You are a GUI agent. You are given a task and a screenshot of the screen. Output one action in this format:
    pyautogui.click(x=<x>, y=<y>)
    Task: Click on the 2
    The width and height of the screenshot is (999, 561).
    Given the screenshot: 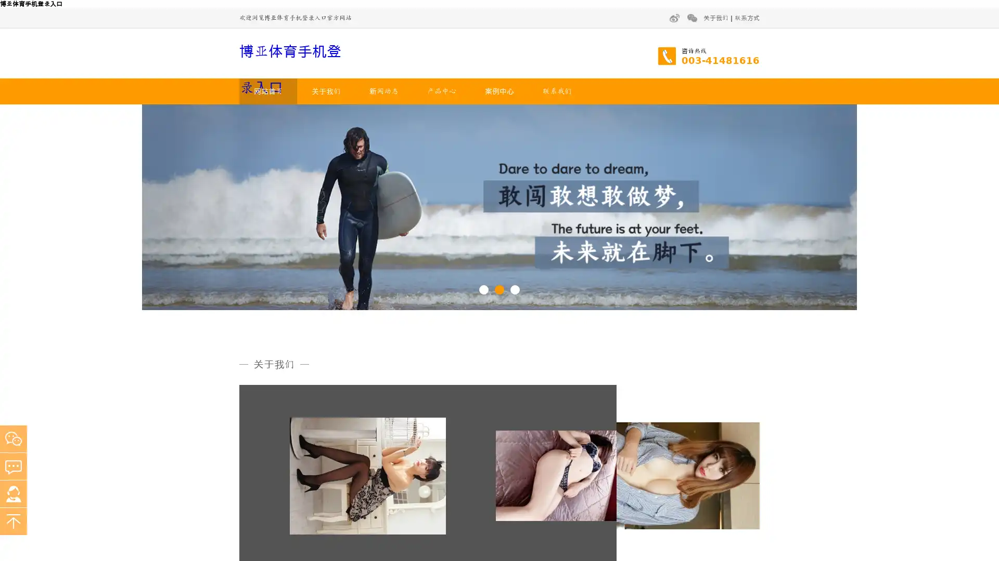 What is the action you would take?
    pyautogui.click(x=499, y=289)
    